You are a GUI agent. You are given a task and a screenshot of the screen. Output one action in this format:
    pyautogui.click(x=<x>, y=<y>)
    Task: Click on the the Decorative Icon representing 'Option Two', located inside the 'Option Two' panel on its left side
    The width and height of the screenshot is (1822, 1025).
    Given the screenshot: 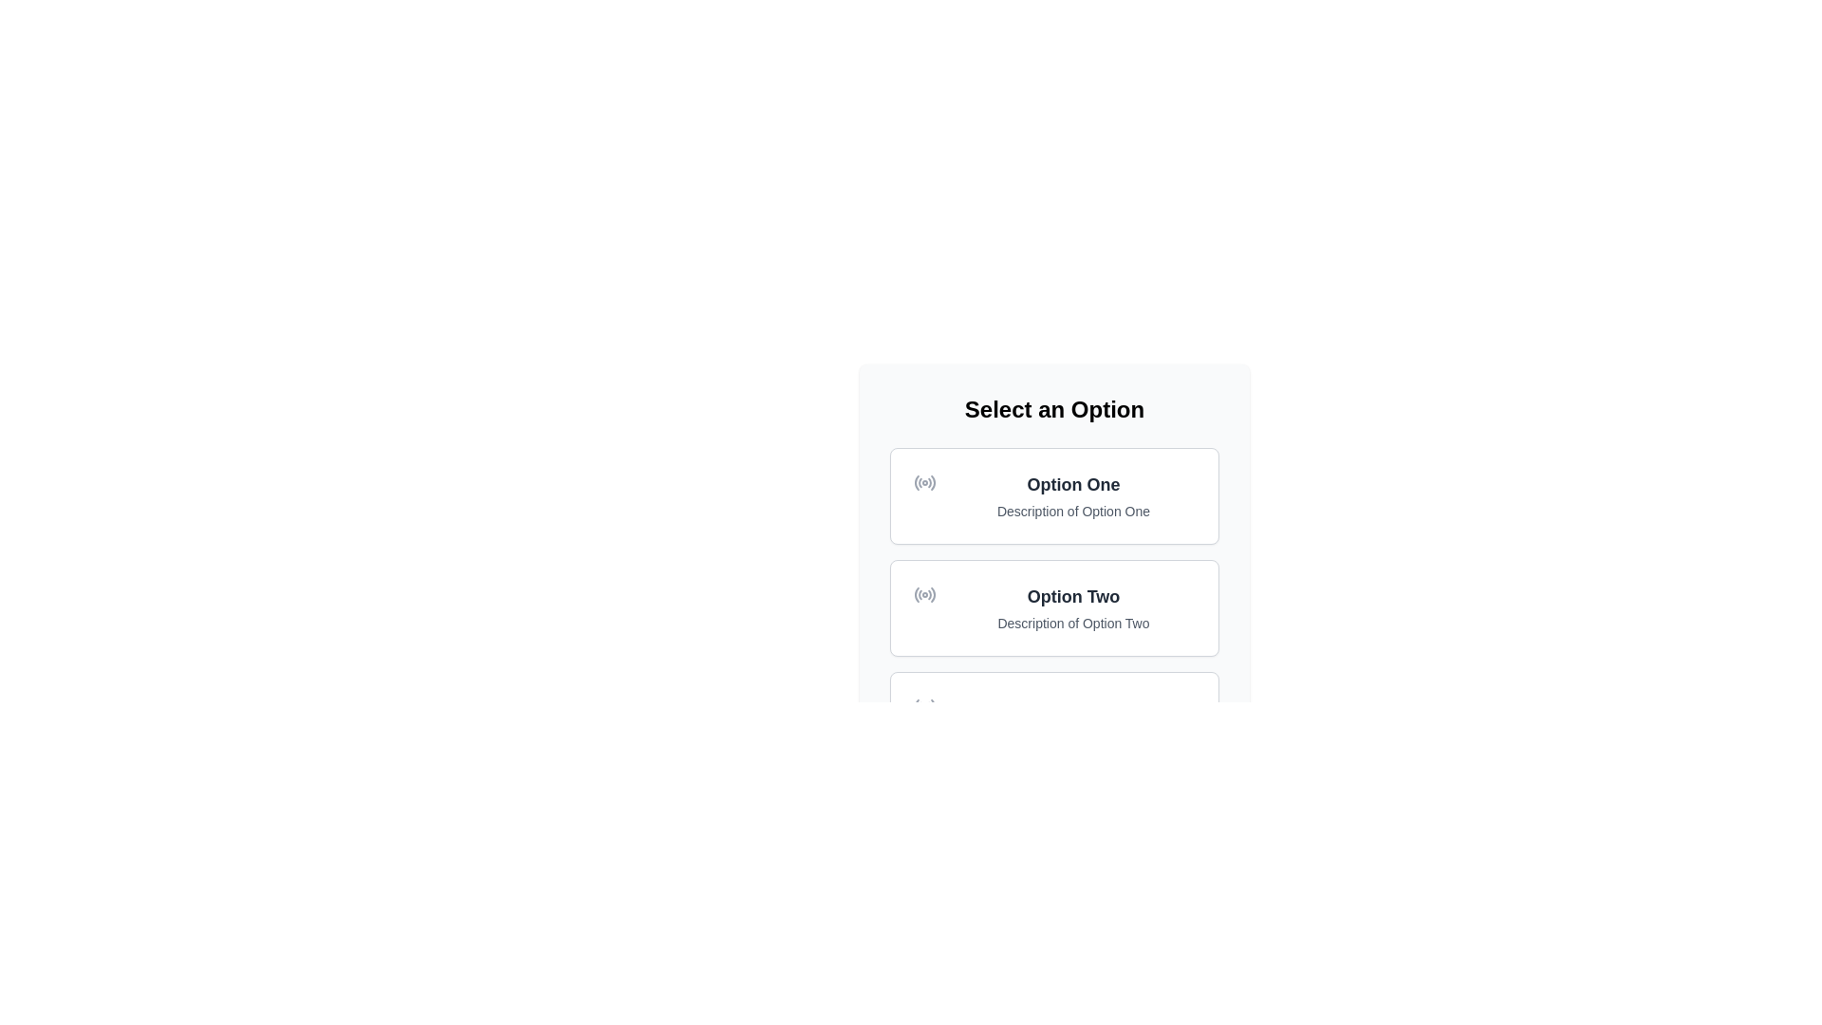 What is the action you would take?
    pyautogui.click(x=924, y=594)
    